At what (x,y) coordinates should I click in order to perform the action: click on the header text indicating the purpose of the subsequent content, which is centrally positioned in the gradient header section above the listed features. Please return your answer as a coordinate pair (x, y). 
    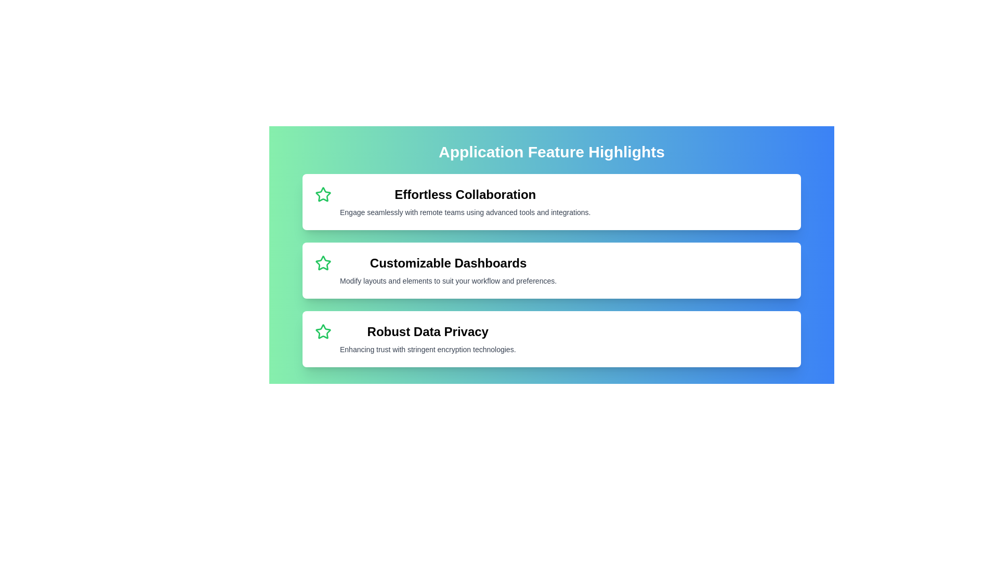
    Looking at the image, I should click on (551, 152).